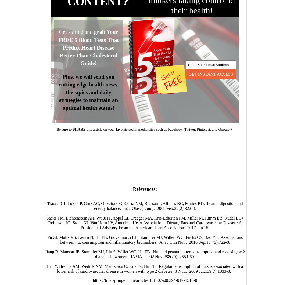  Describe the element at coordinates (76, 32) in the screenshot. I see `'Get started and'` at that location.